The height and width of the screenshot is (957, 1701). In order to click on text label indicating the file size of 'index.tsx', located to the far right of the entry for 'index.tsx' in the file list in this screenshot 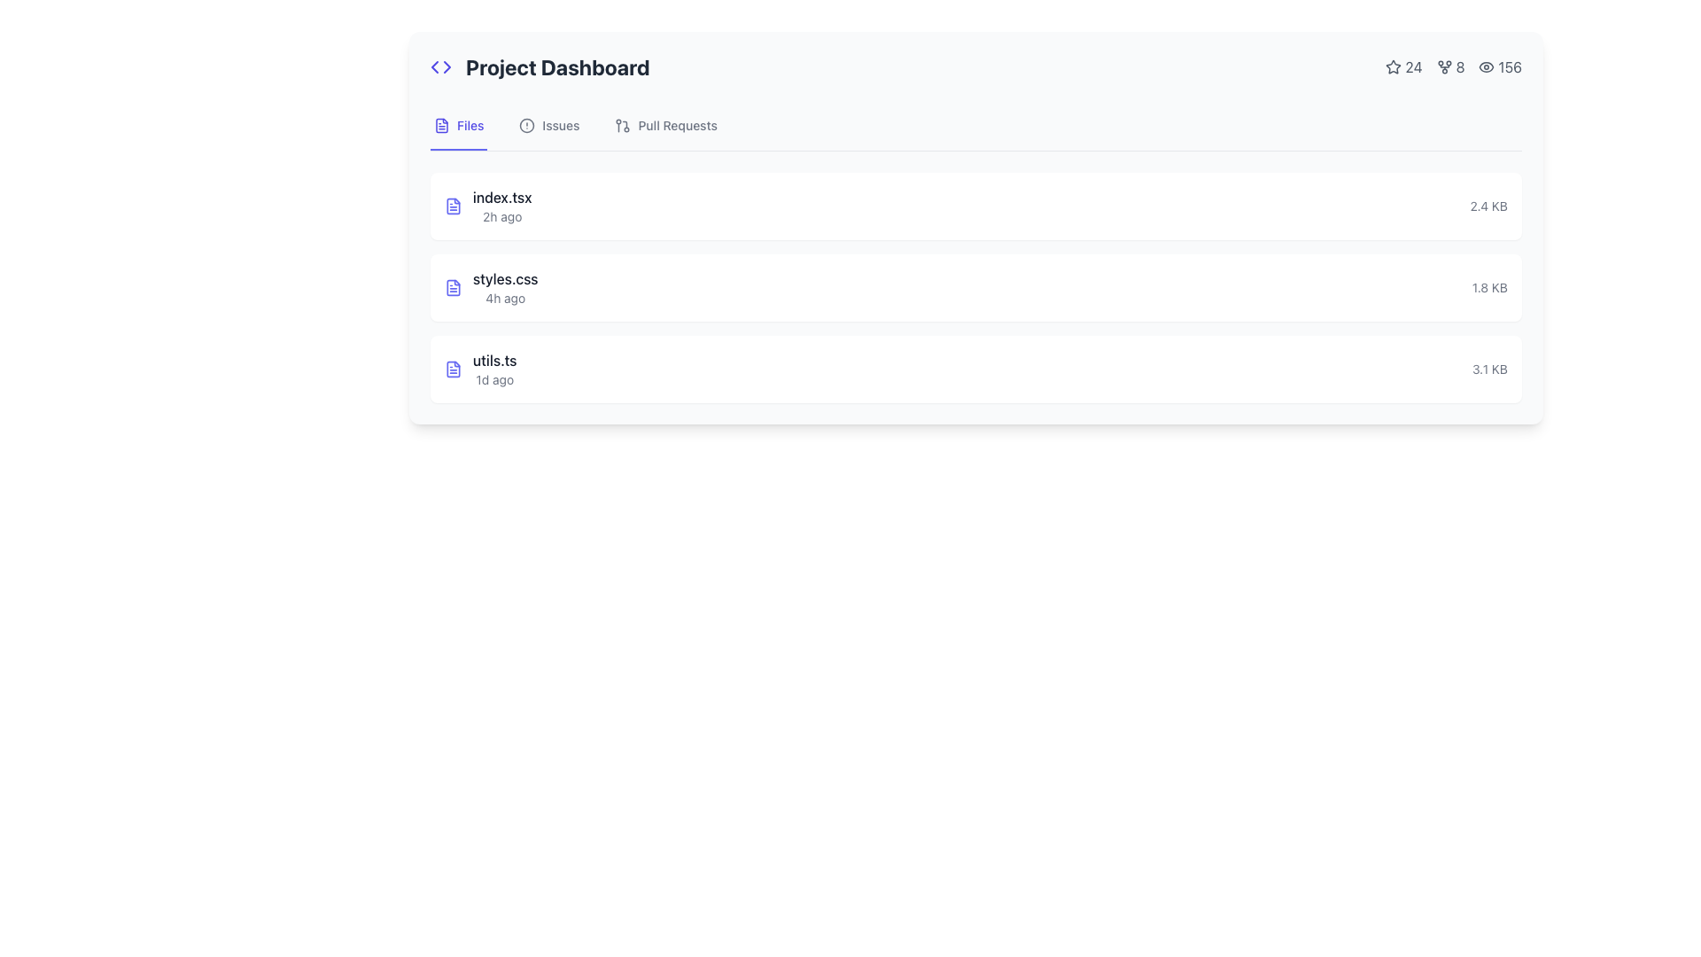, I will do `click(1488, 205)`.